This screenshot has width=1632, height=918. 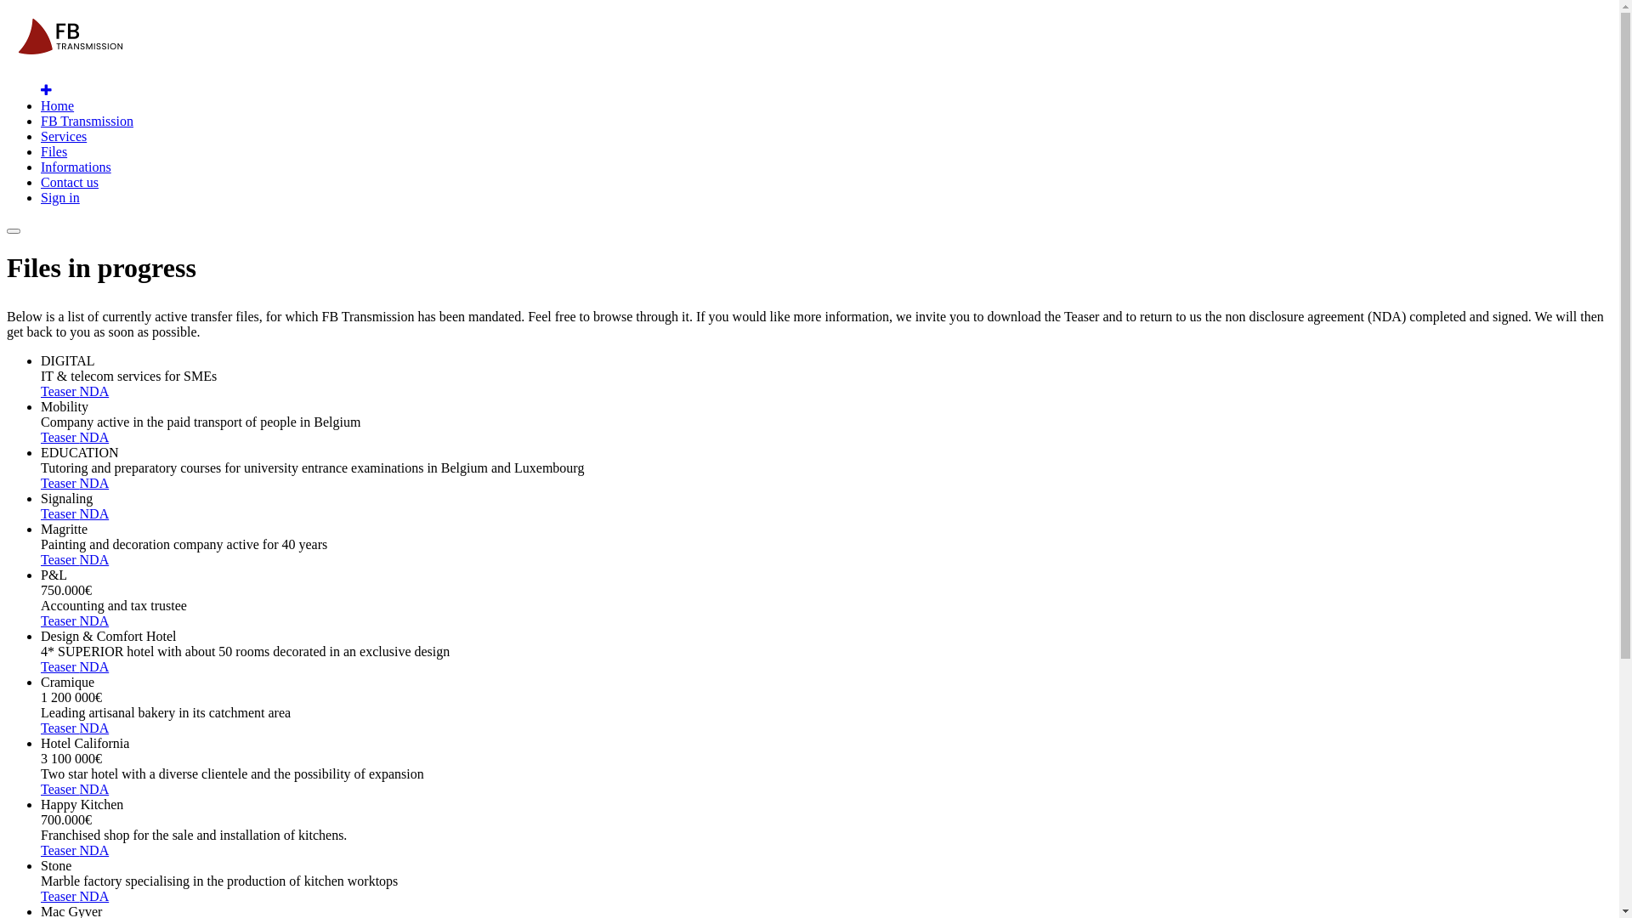 I want to click on 'Informations', so click(x=75, y=167).